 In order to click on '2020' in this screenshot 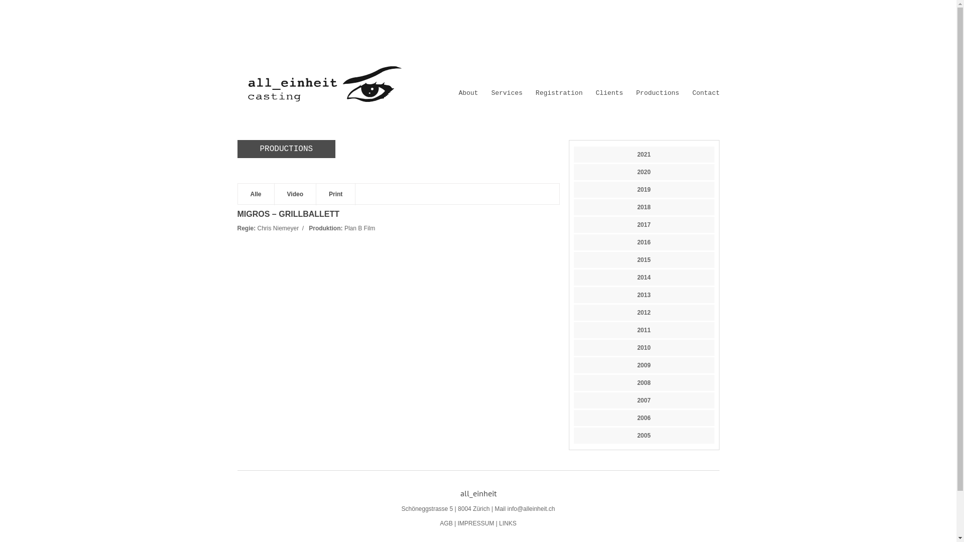, I will do `click(643, 172)`.